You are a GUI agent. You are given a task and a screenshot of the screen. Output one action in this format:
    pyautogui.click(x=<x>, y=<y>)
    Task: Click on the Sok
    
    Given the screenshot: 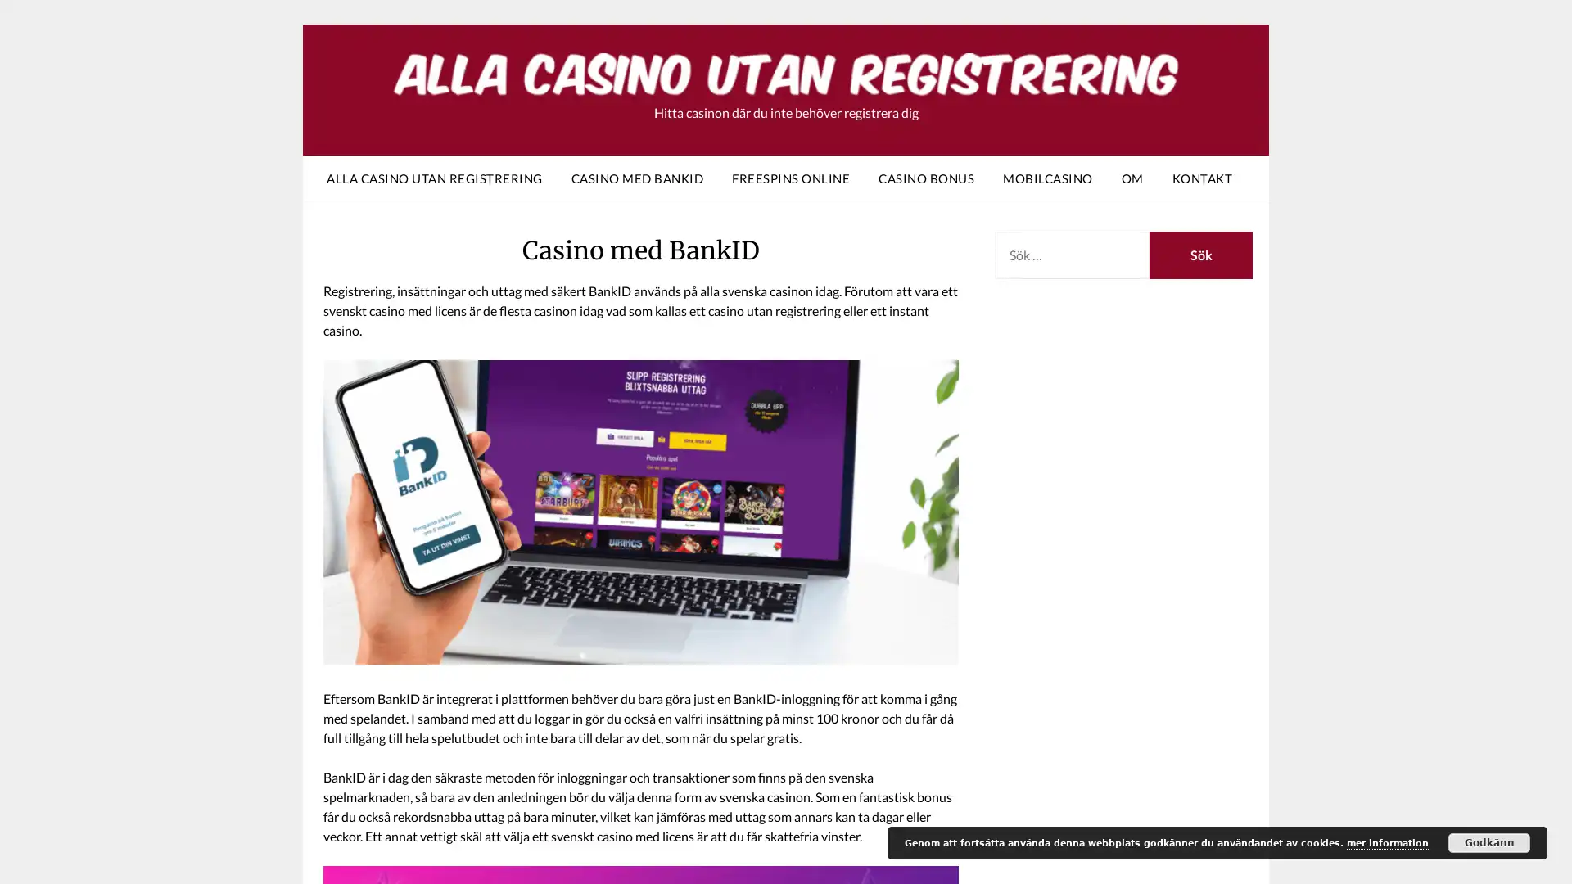 What is the action you would take?
    pyautogui.click(x=1200, y=255)
    